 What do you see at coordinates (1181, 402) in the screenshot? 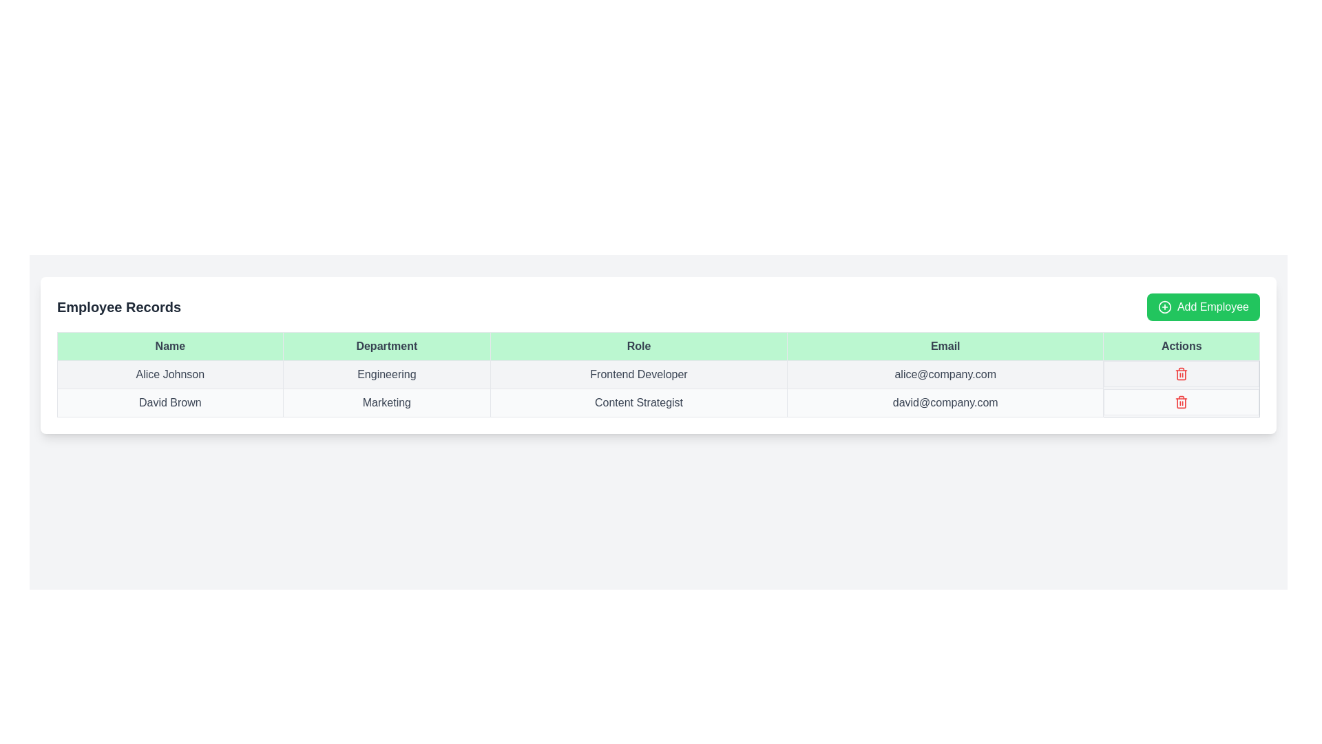
I see `the red trash icon` at bounding box center [1181, 402].